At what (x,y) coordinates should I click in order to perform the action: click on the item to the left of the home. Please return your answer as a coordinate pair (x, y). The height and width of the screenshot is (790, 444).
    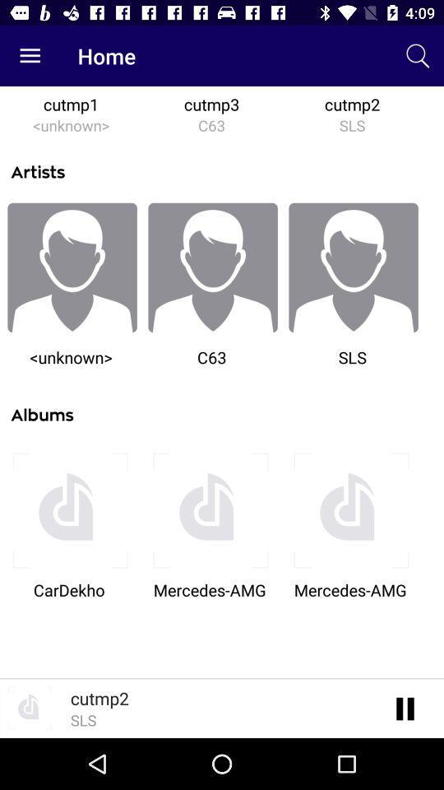
    Looking at the image, I should click on (30, 56).